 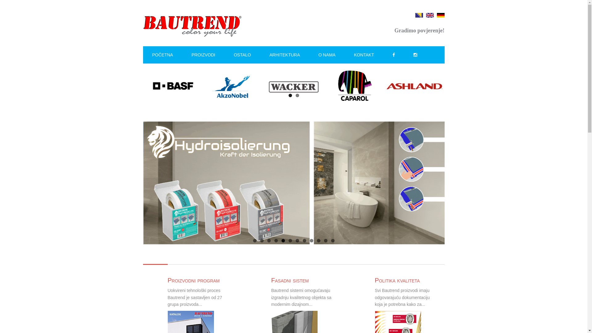 I want to click on 'O NAMA', so click(x=327, y=54).